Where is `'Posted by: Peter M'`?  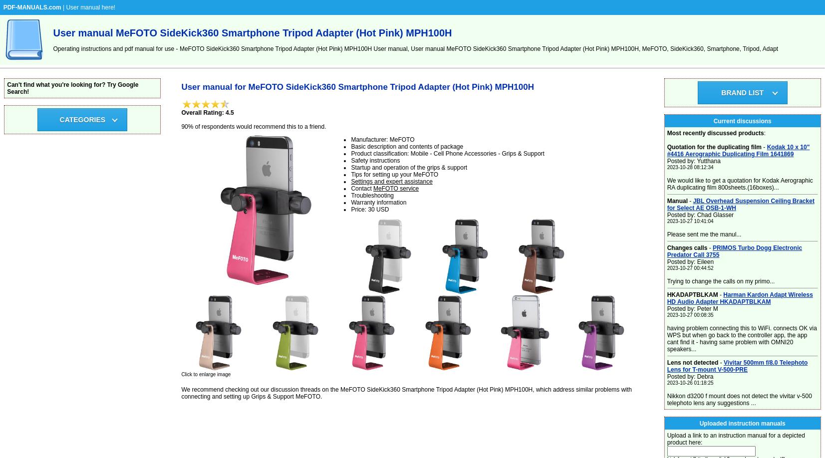
'Posted by: Peter M' is located at coordinates (666, 309).